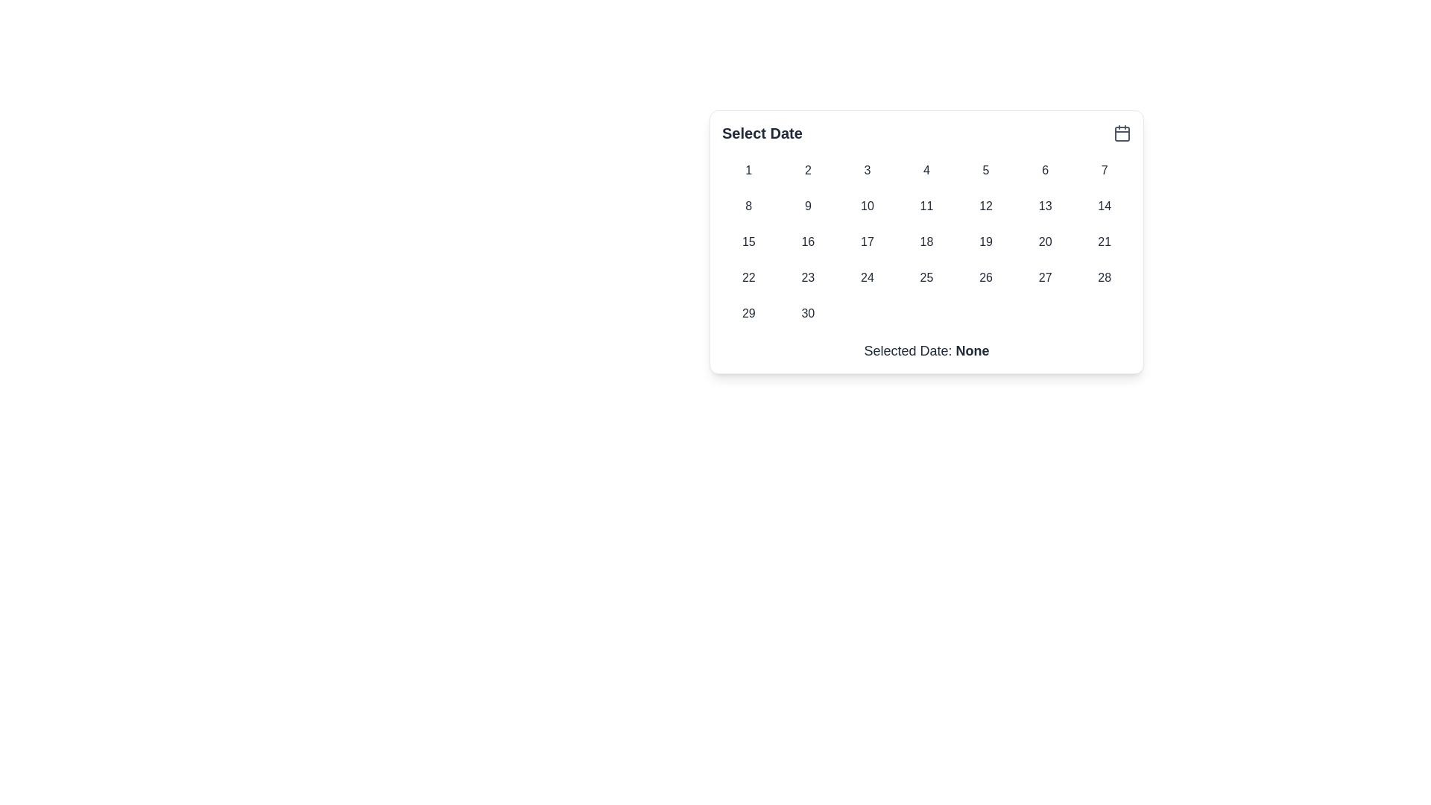 The height and width of the screenshot is (805, 1431). Describe the element at coordinates (1122, 134) in the screenshot. I see `the central area of the calendar icon located in the upper-right corner of the date picker panel` at that location.